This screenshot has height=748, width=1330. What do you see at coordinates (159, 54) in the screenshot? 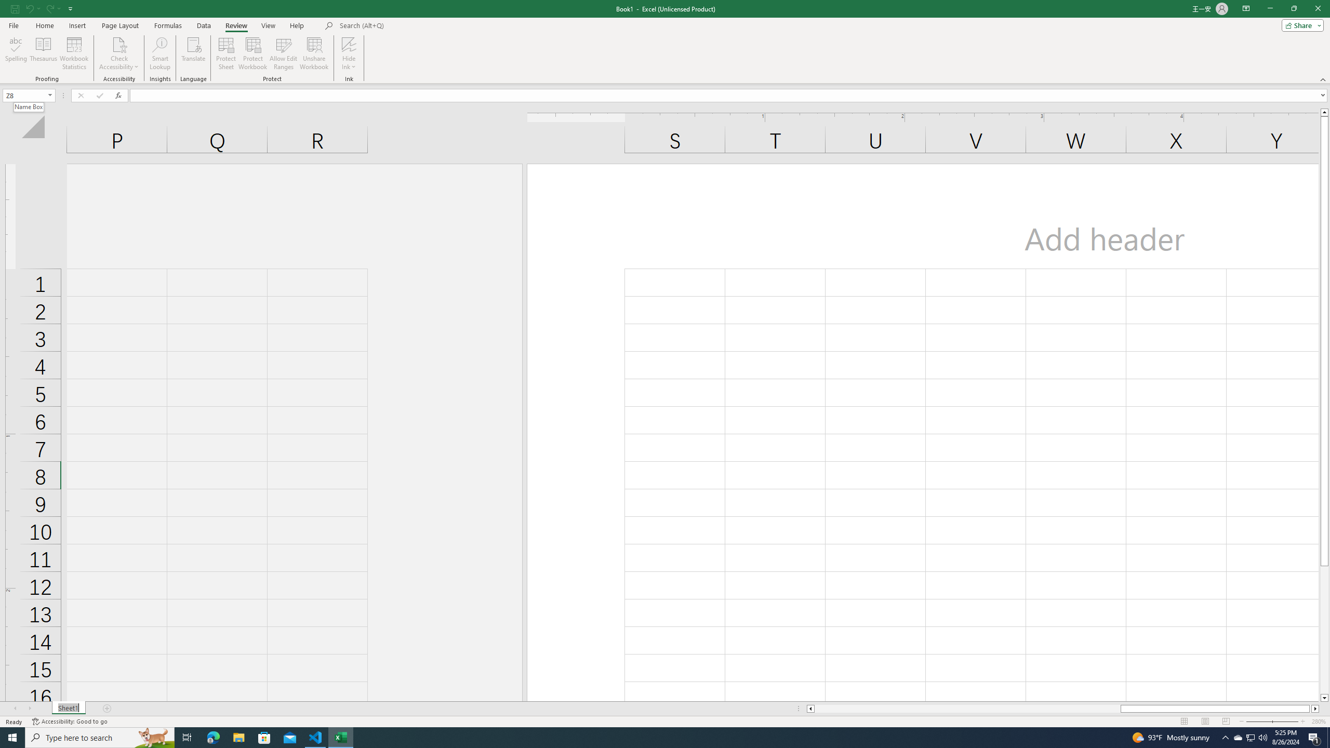
I see `'Smart Lookup'` at bounding box center [159, 54].